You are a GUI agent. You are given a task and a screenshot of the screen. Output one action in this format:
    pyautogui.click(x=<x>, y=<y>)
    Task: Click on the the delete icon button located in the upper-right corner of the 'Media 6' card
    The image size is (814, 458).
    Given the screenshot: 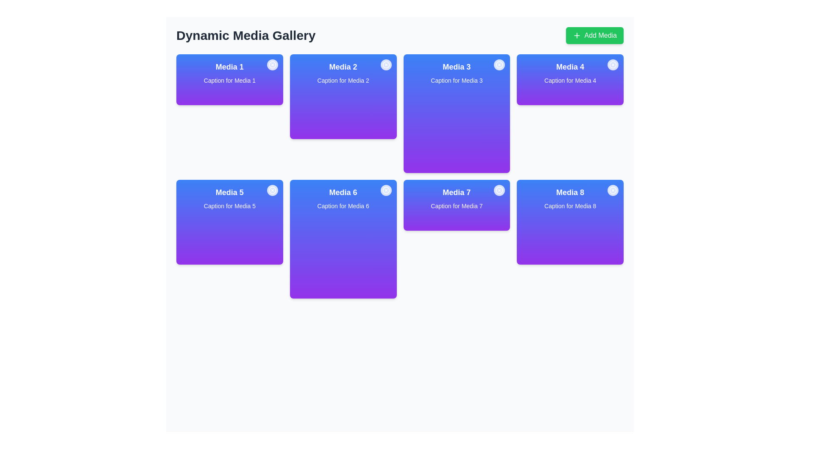 What is the action you would take?
    pyautogui.click(x=385, y=190)
    